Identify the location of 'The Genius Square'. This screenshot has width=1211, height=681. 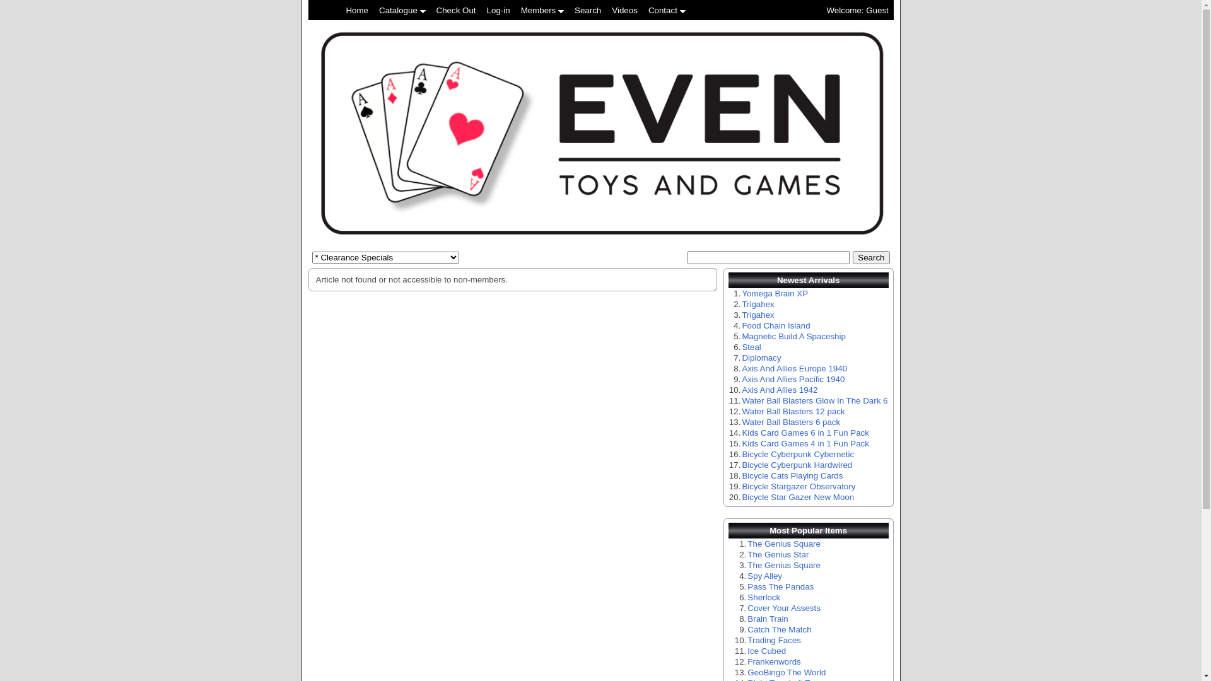
(783, 564).